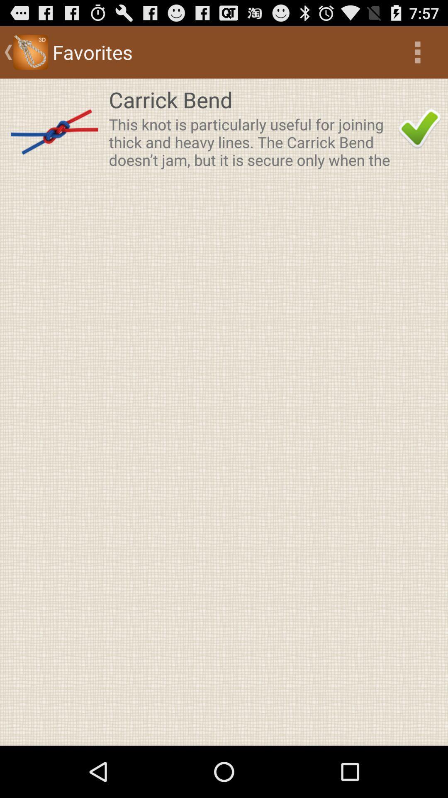 The width and height of the screenshot is (448, 798). Describe the element at coordinates (417, 52) in the screenshot. I see `the icon to the right of favorites` at that location.